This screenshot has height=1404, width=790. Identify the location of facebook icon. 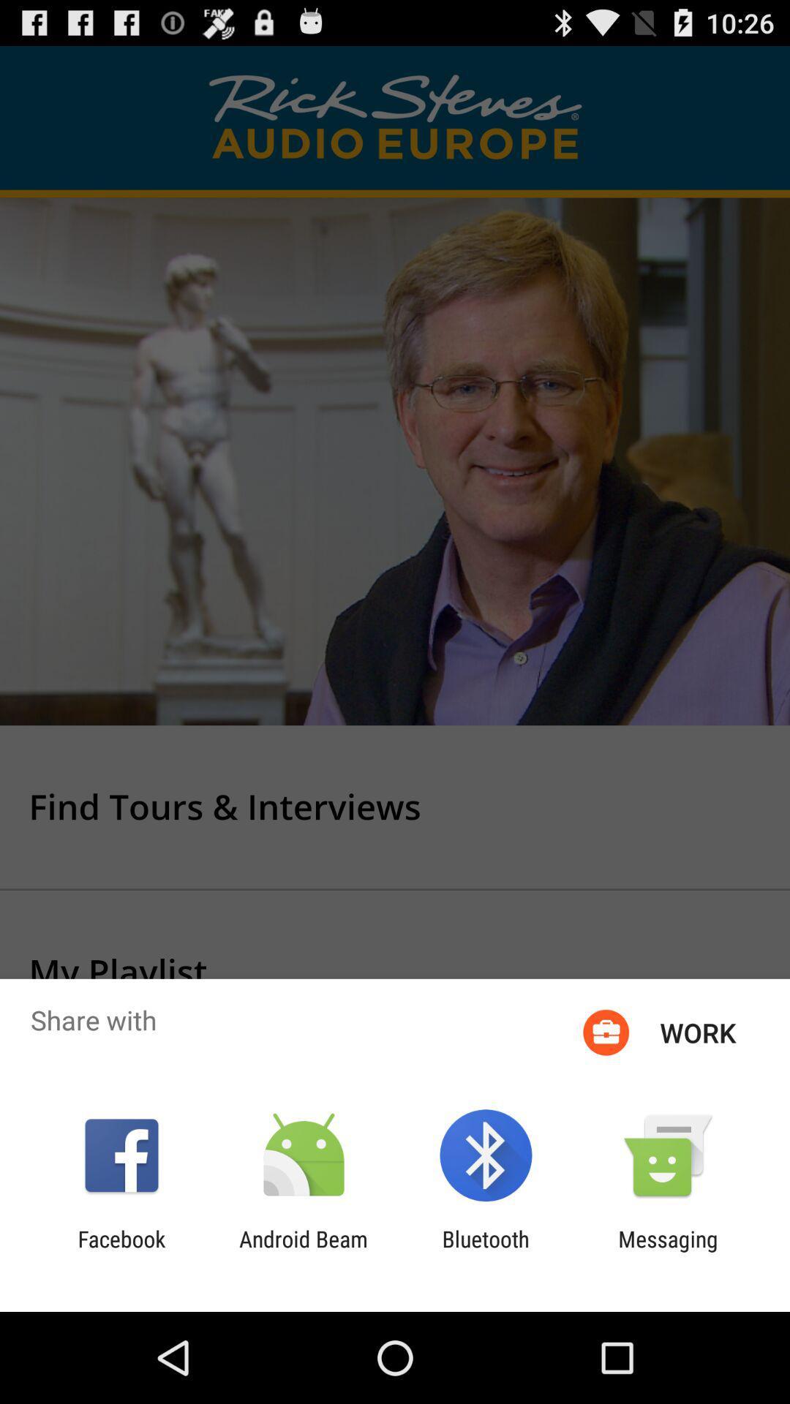
(121, 1251).